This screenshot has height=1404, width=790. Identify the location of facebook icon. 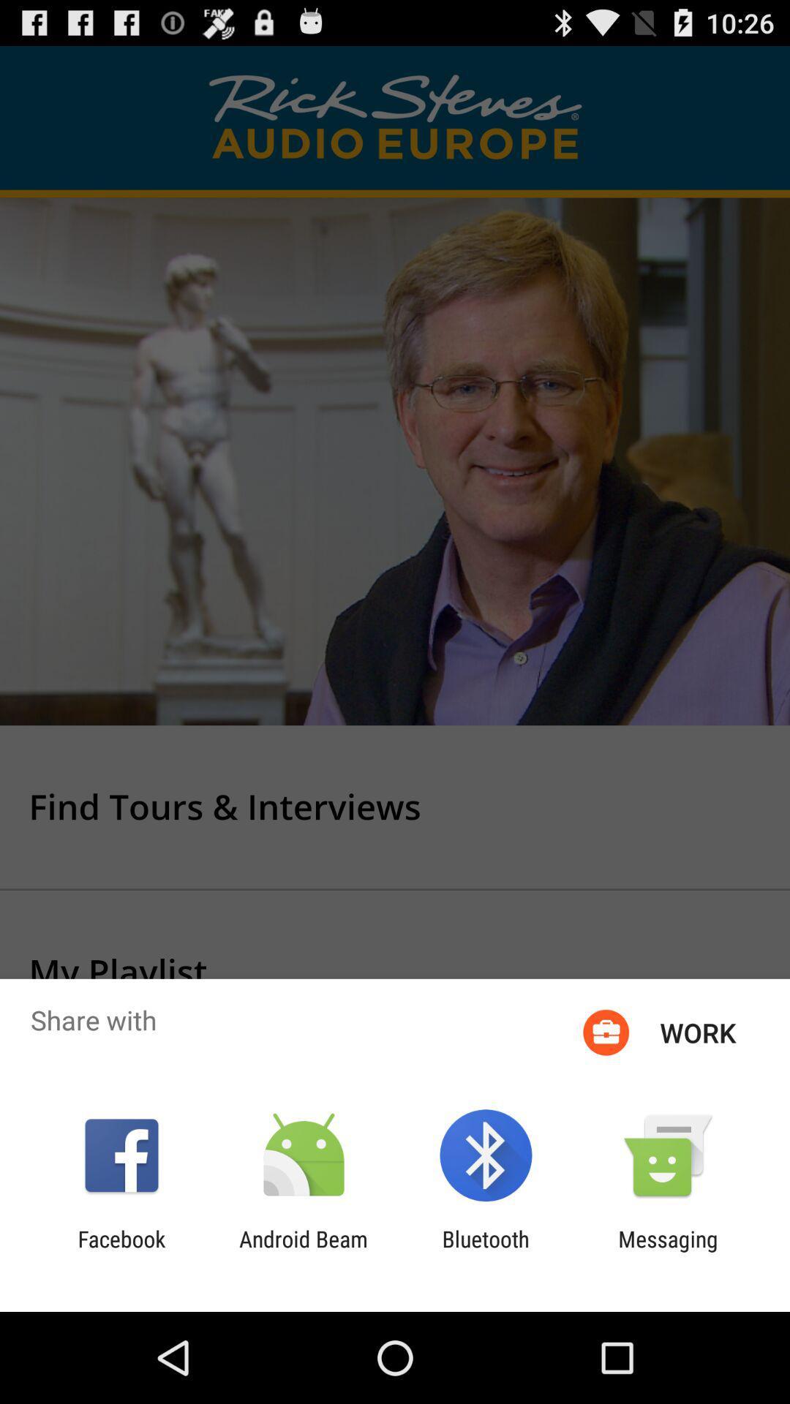
(121, 1251).